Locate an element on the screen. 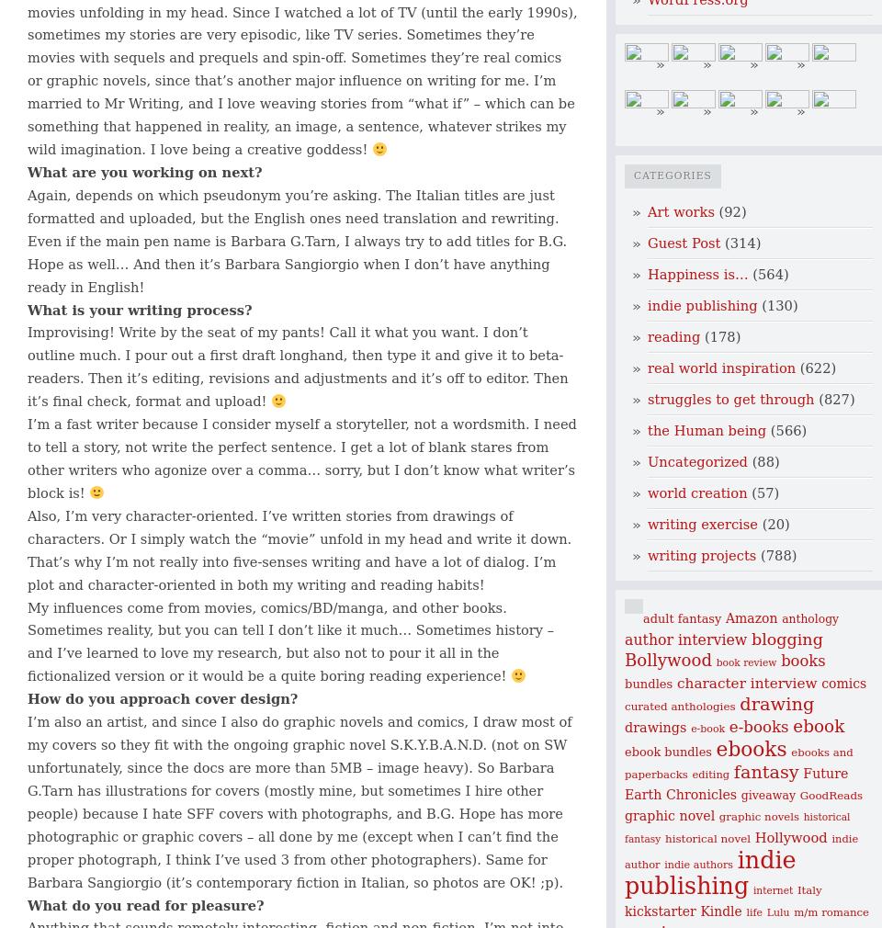 This screenshot has width=882, height=928. 'What are you working on next?' is located at coordinates (26, 171).